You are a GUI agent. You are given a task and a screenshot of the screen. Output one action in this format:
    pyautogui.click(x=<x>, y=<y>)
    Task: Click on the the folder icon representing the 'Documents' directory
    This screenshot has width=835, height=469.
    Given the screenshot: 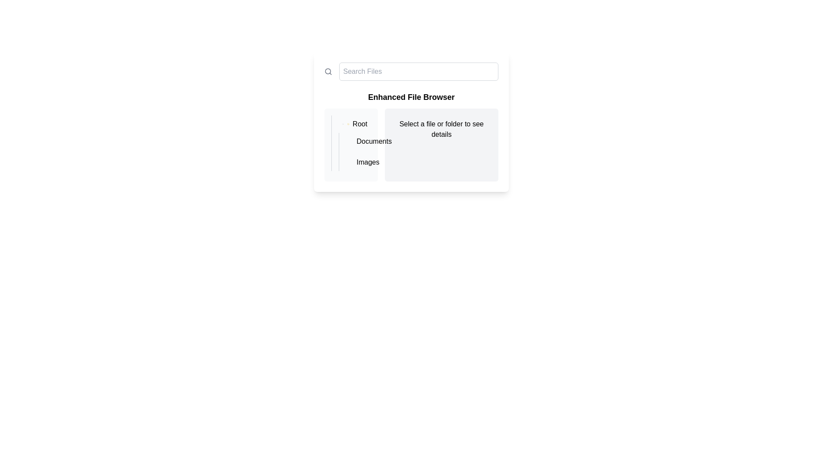 What is the action you would take?
    pyautogui.click(x=358, y=142)
    